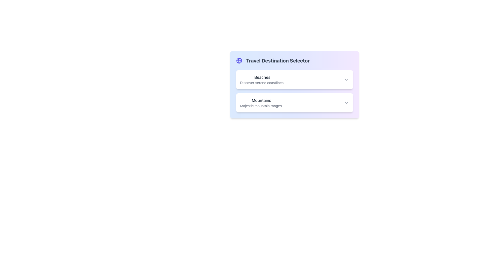 The width and height of the screenshot is (483, 271). I want to click on the downward-facing chevron icon button located at the right end of the 'Mountains' card, so click(346, 102).